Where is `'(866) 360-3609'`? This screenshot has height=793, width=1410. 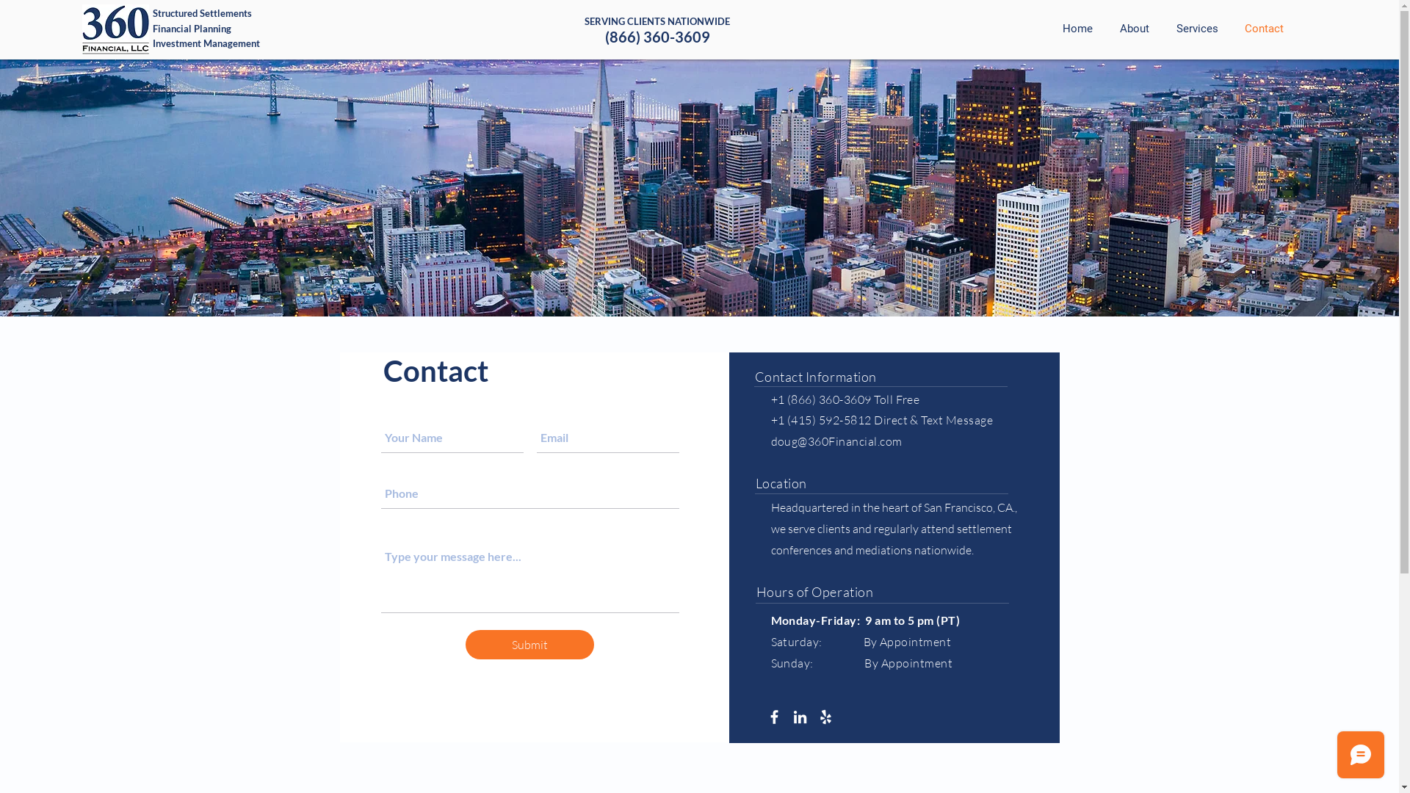 '(866) 360-3609' is located at coordinates (657, 36).